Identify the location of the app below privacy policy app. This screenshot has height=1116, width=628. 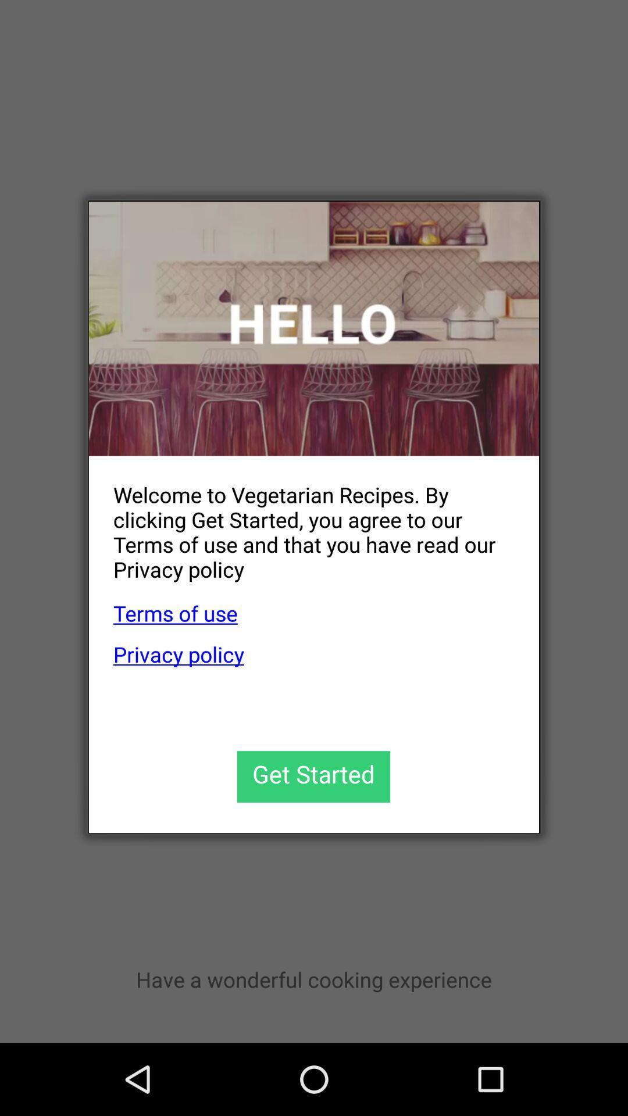
(313, 777).